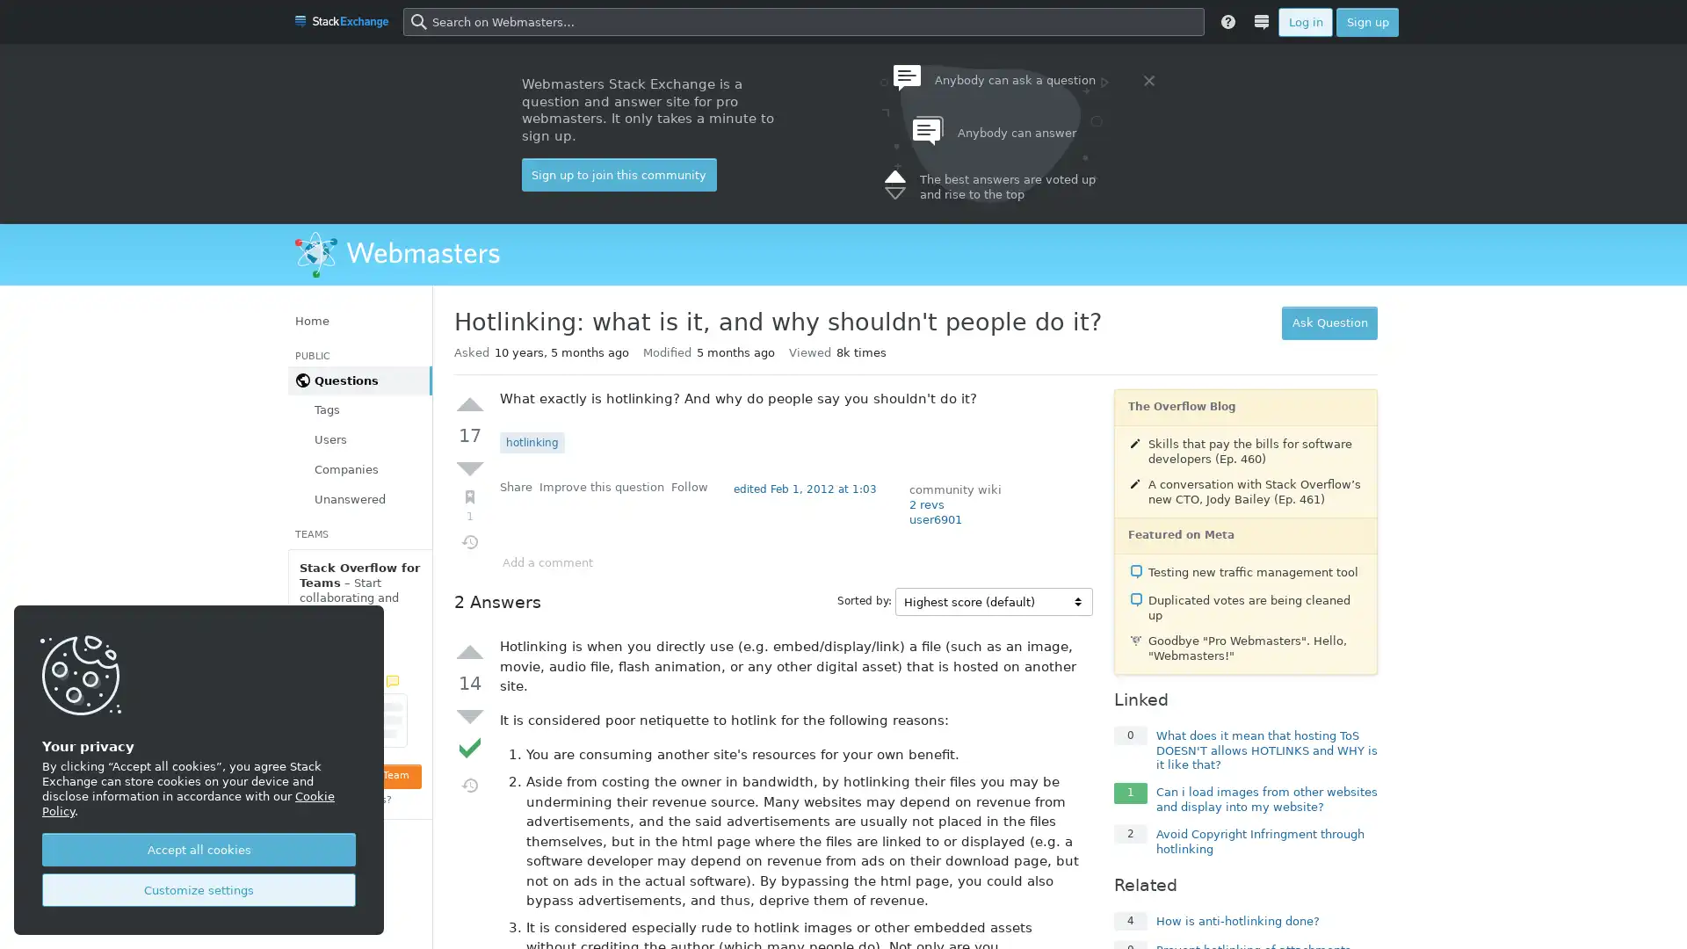  Describe the element at coordinates (199, 849) in the screenshot. I see `Accept all cookies` at that location.